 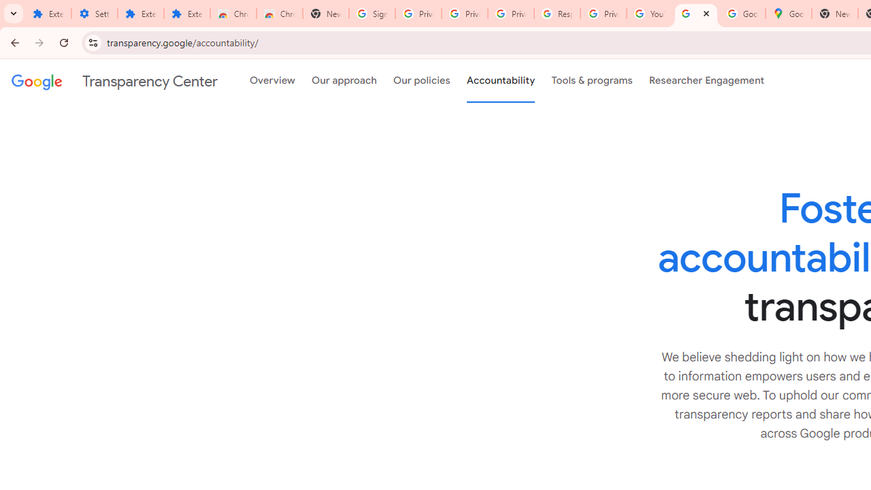 I want to click on 'New Tab', so click(x=325, y=14).